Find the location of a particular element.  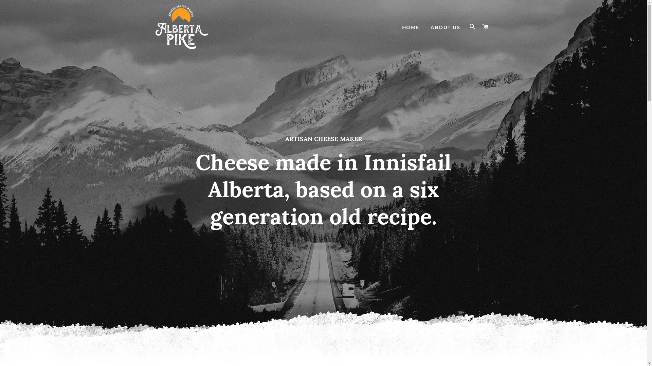

'ABOUT US' is located at coordinates (445, 27).